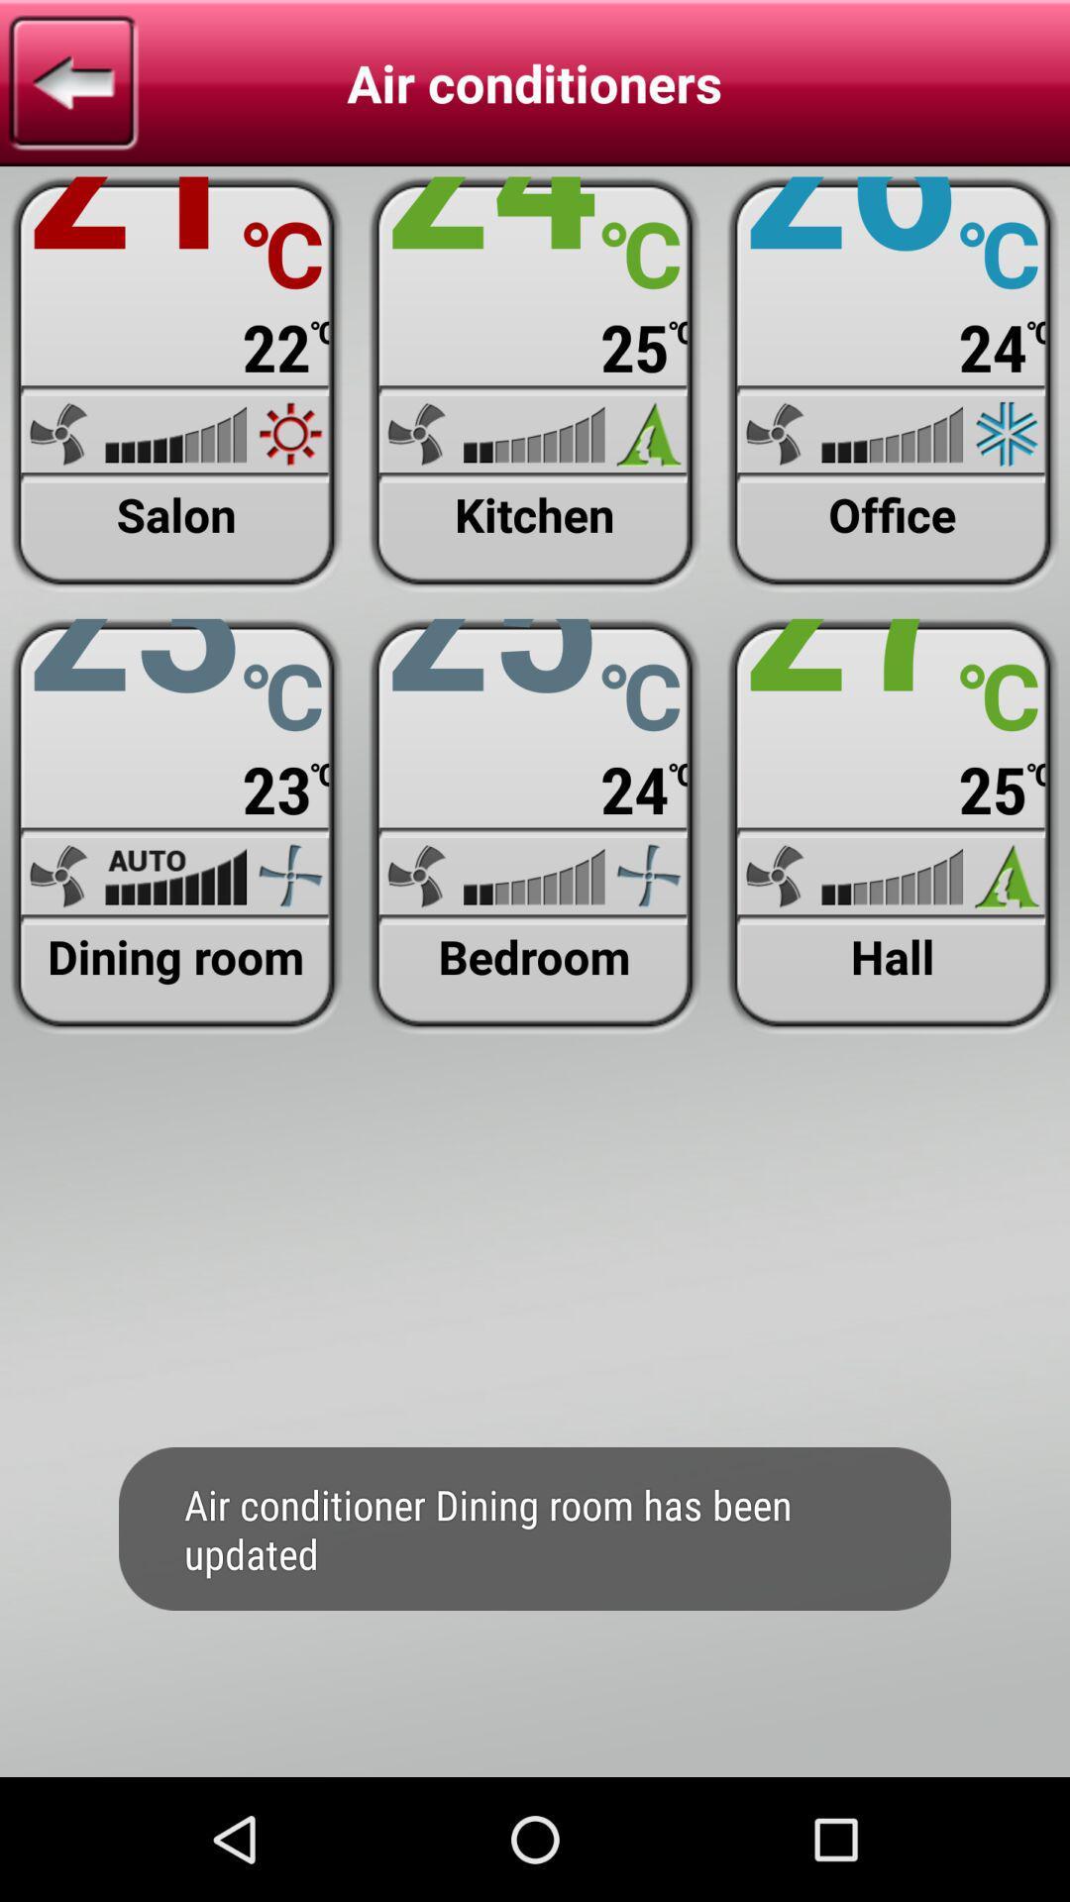  Describe the element at coordinates (893, 826) in the screenshot. I see `hall air conditioner` at that location.